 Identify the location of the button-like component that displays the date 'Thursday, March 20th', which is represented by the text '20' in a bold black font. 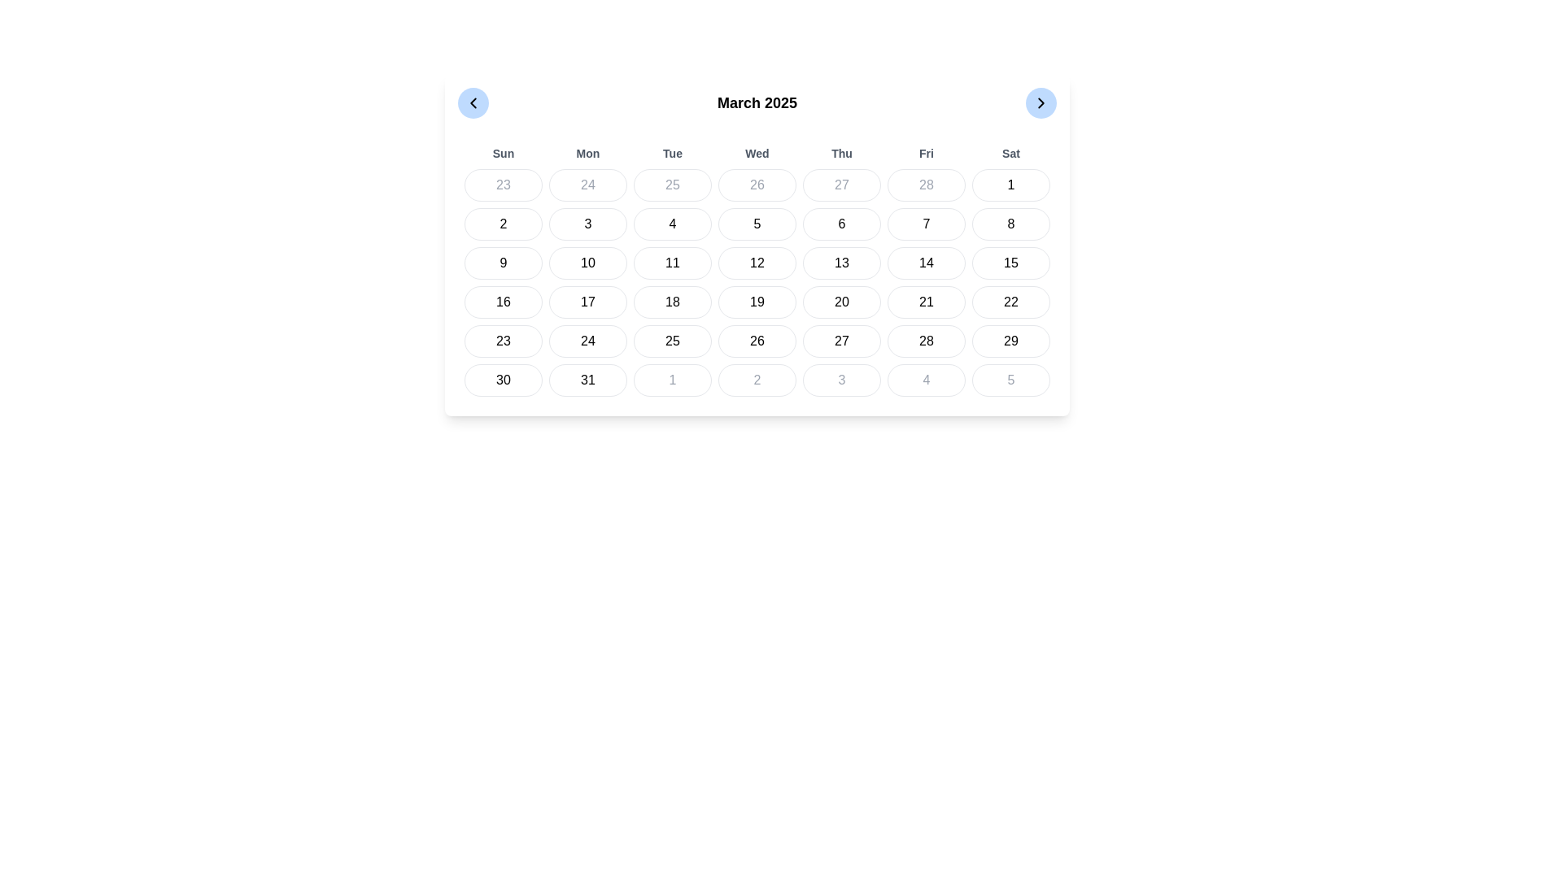
(842, 302).